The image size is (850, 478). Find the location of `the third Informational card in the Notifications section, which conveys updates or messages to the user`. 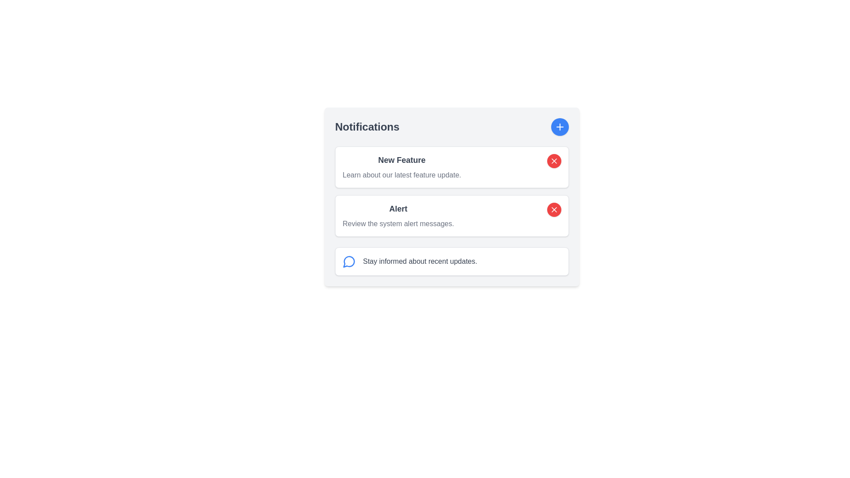

the third Informational card in the Notifications section, which conveys updates or messages to the user is located at coordinates (452, 261).